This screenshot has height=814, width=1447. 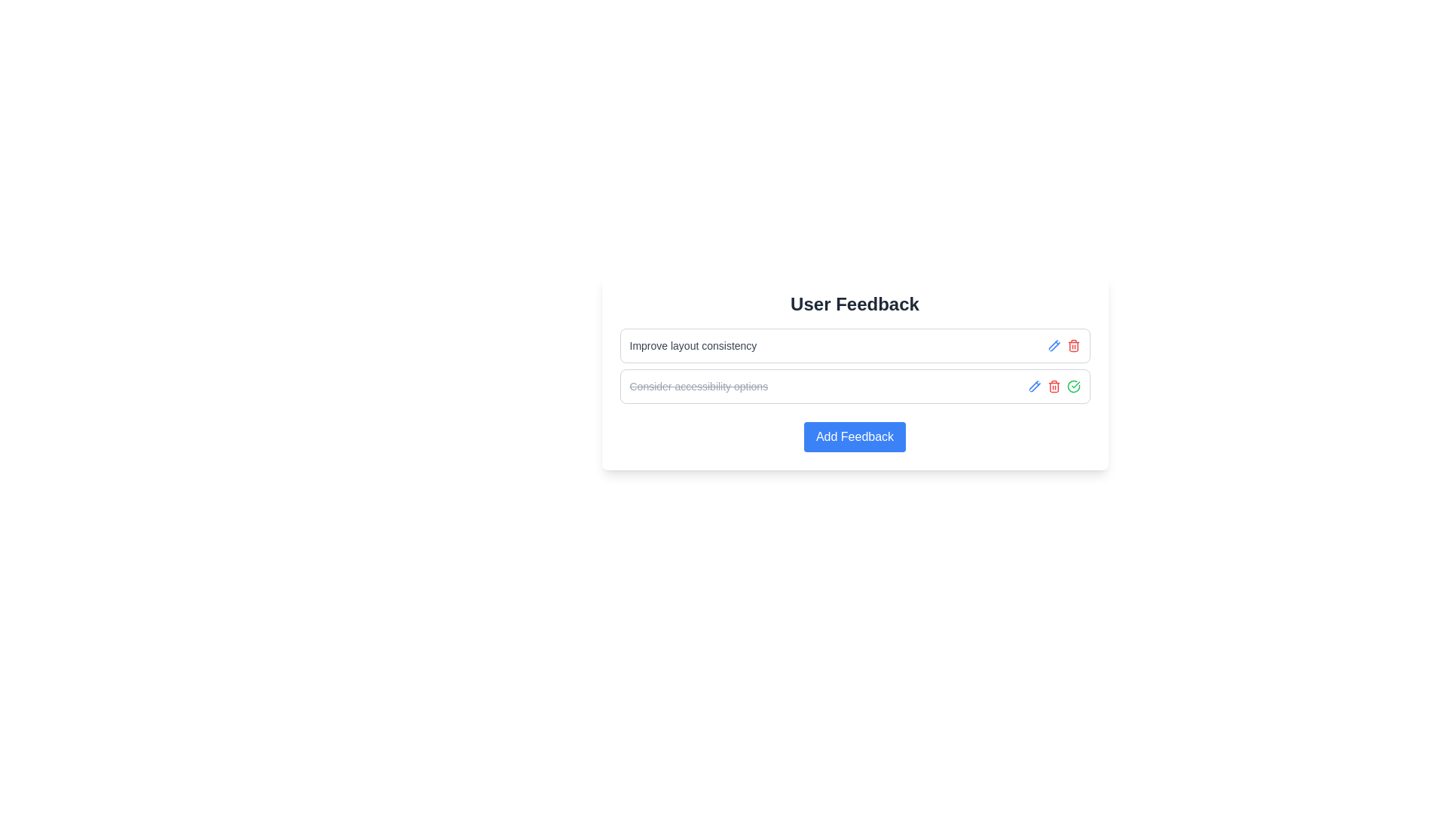 What do you see at coordinates (855, 436) in the screenshot?
I see `the submit button located at the bottom center of the 'User Feedback' modal` at bounding box center [855, 436].